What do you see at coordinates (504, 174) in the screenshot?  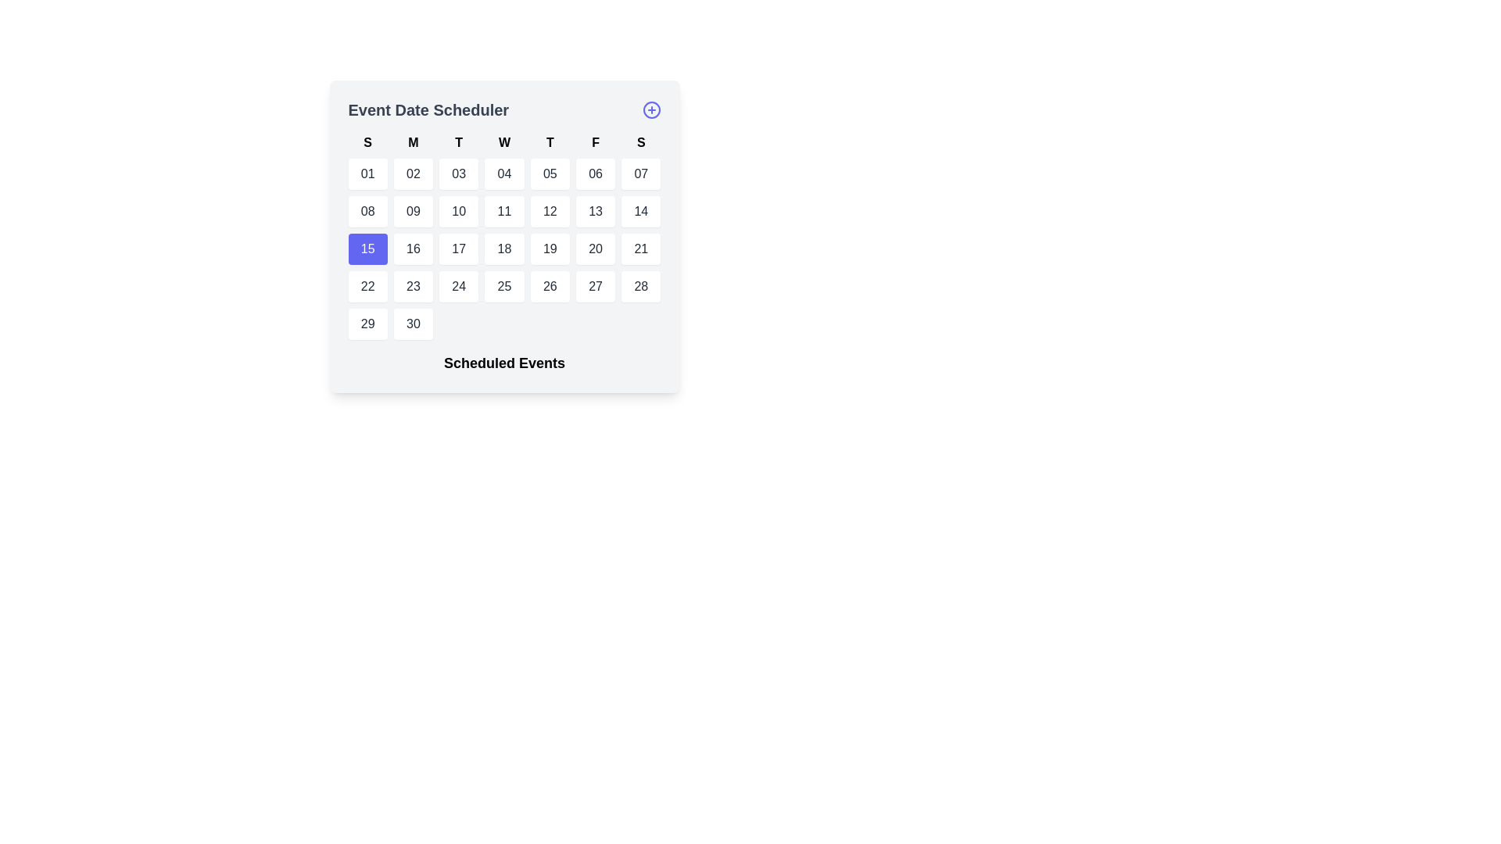 I see `the date button representing '04' in the calendar interface located in the fourth column of the second row, directly below the 'W' header for Wednesday` at bounding box center [504, 174].